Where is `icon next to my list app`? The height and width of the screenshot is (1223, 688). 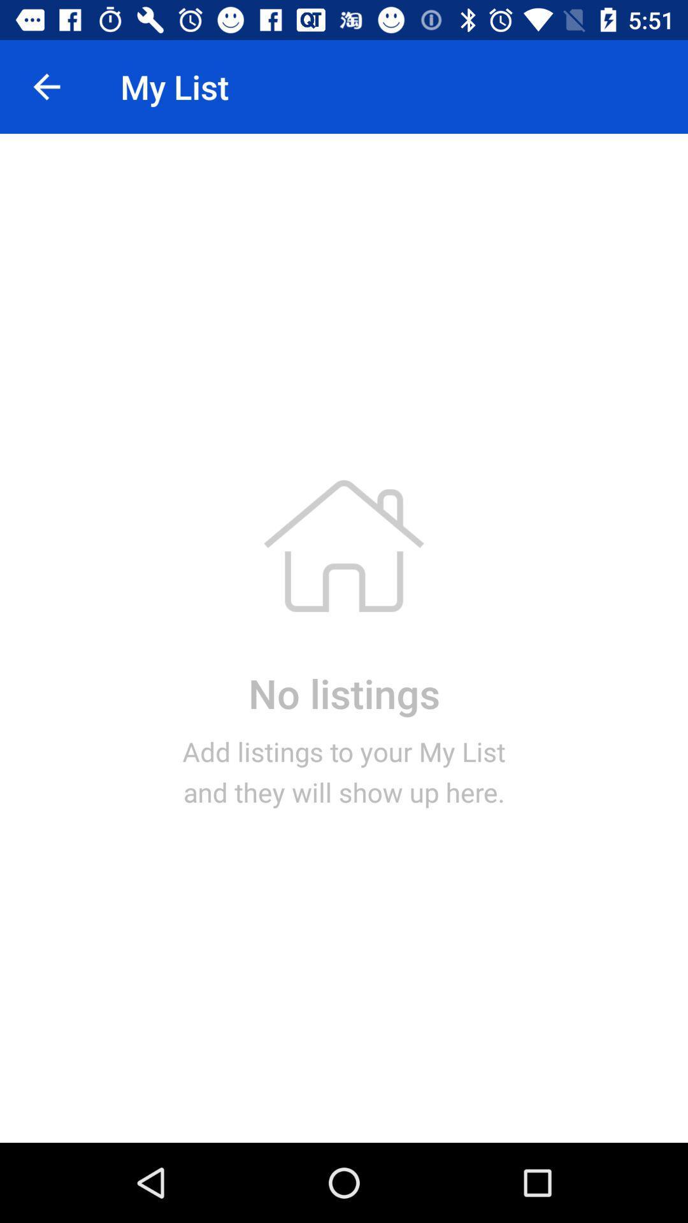
icon next to my list app is located at coordinates (46, 86).